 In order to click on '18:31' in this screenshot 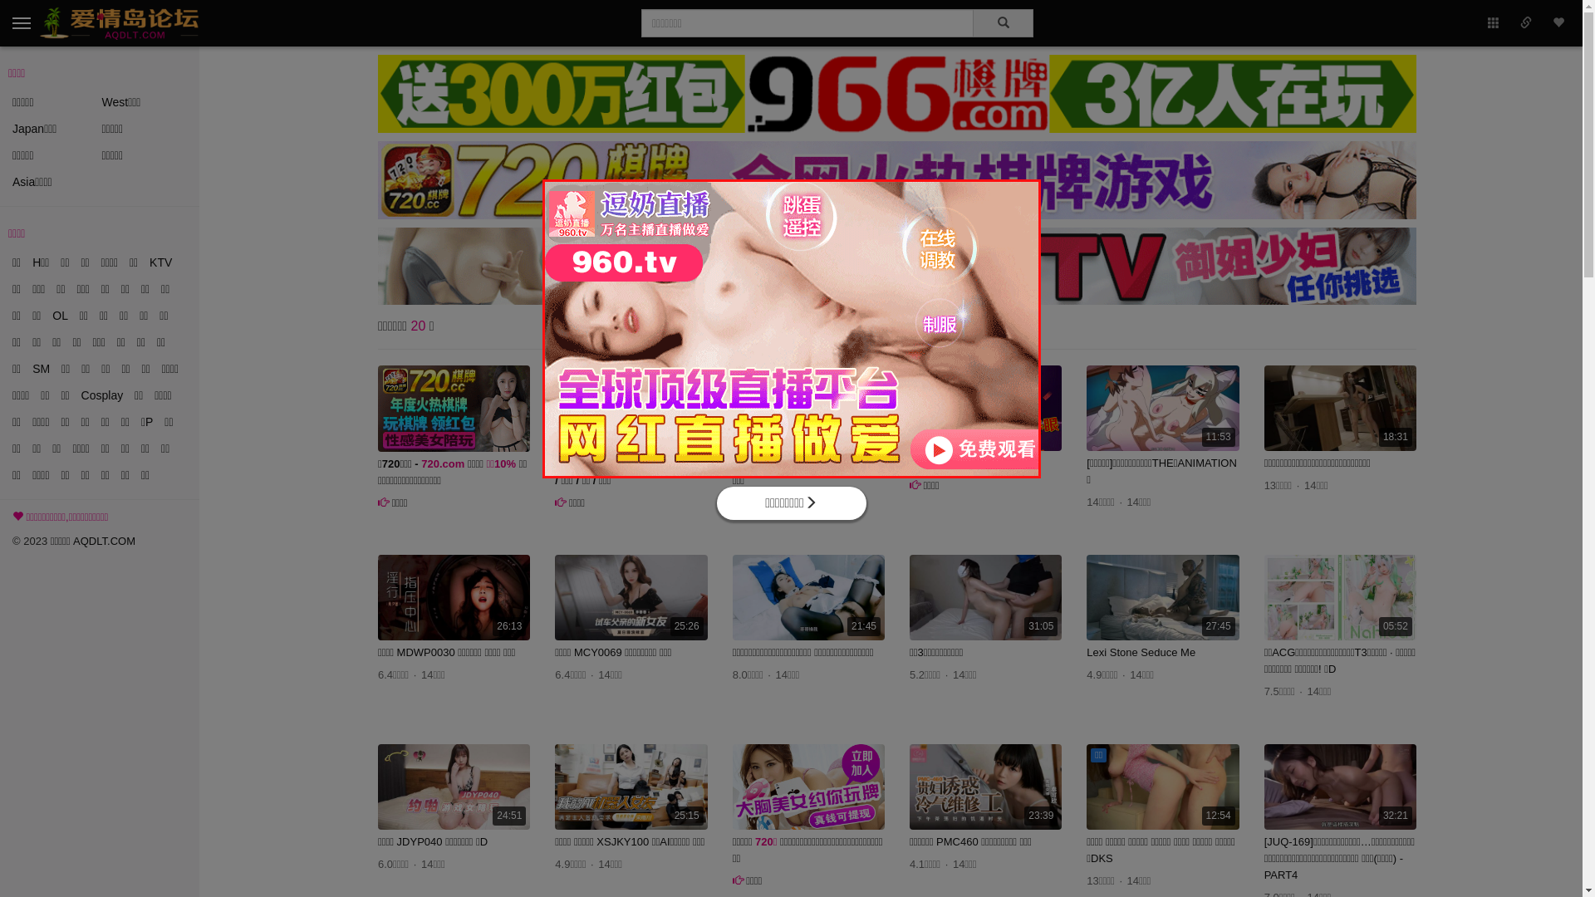, I will do `click(1340, 408)`.